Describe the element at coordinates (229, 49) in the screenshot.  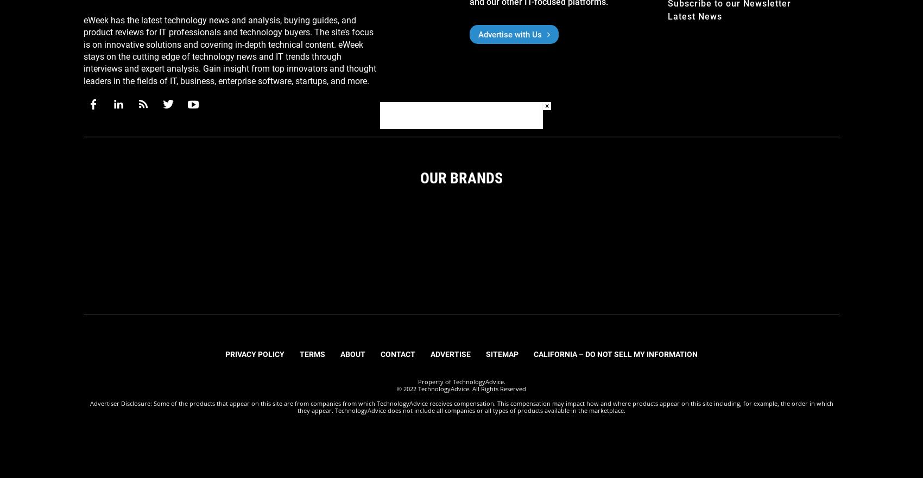
I see `'eWeek has the latest technology news and analysis, buying guides, and product reviews for IT professionals and technology buyers. The site’s focus is on innovative solutions and covering in-depth technical content. eWeek stays on the cutting edge of technology news and IT trends through interviews and expert analysis. Gain insight from top innovators and thought leaders in the fields of IT, business, enterprise software, startups, and more.'` at that location.